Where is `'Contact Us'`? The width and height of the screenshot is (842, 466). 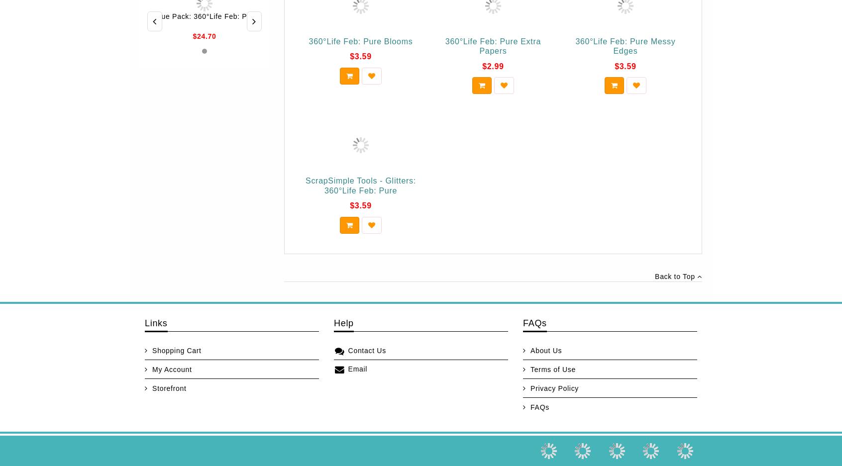
'Contact Us' is located at coordinates (365, 350).